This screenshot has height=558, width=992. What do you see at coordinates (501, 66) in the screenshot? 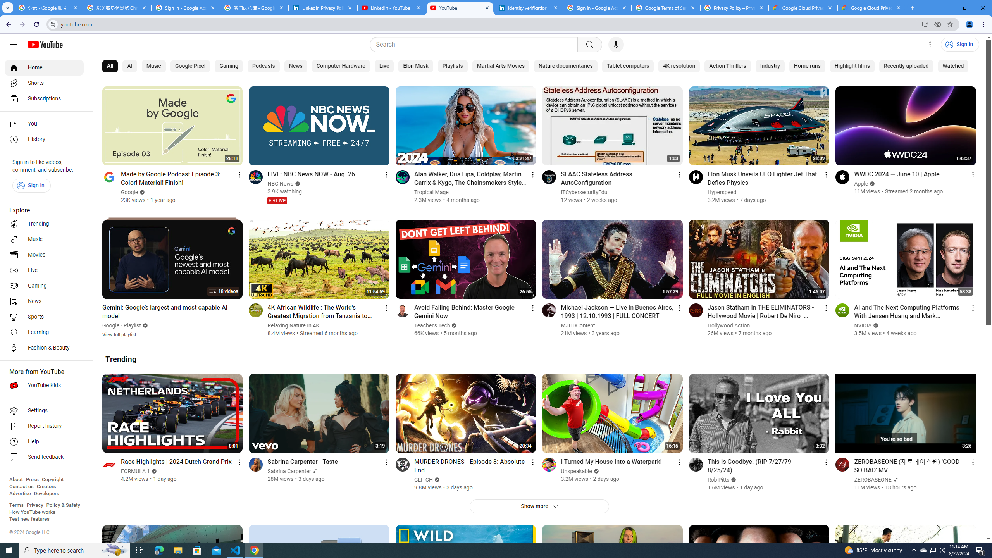
I see `'Martial Arts Movies'` at bounding box center [501, 66].